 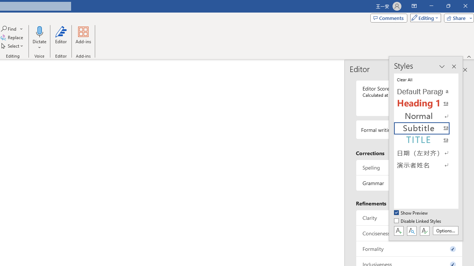 I want to click on 'Class: NetUIButton', so click(x=424, y=230).